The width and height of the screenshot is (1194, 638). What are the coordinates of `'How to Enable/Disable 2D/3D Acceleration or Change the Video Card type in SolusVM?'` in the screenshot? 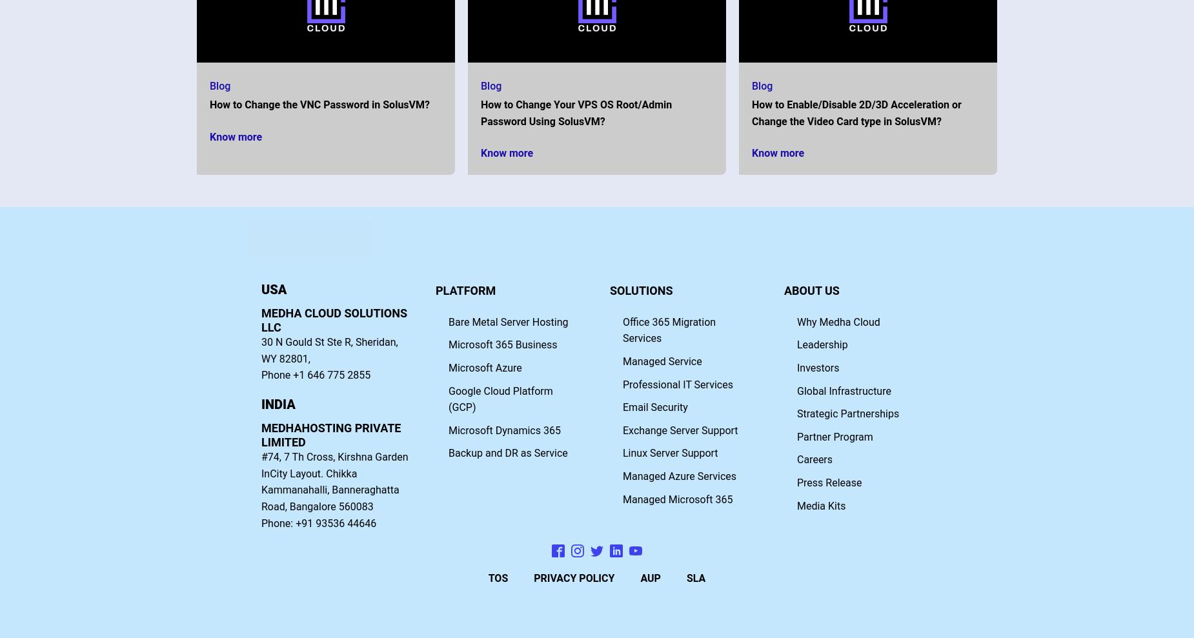 It's located at (856, 112).